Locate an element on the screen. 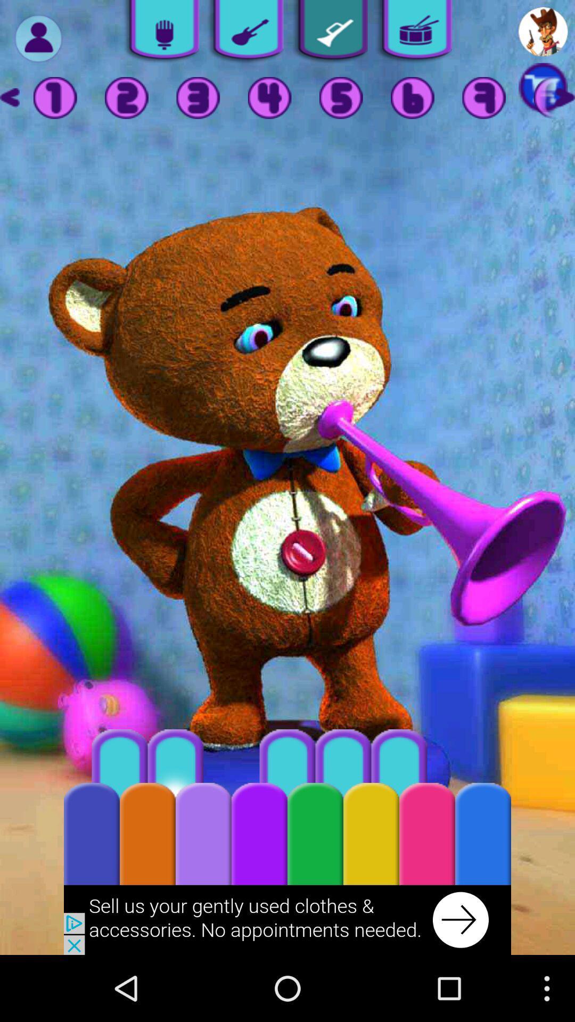  the avatar icon is located at coordinates (38, 41).